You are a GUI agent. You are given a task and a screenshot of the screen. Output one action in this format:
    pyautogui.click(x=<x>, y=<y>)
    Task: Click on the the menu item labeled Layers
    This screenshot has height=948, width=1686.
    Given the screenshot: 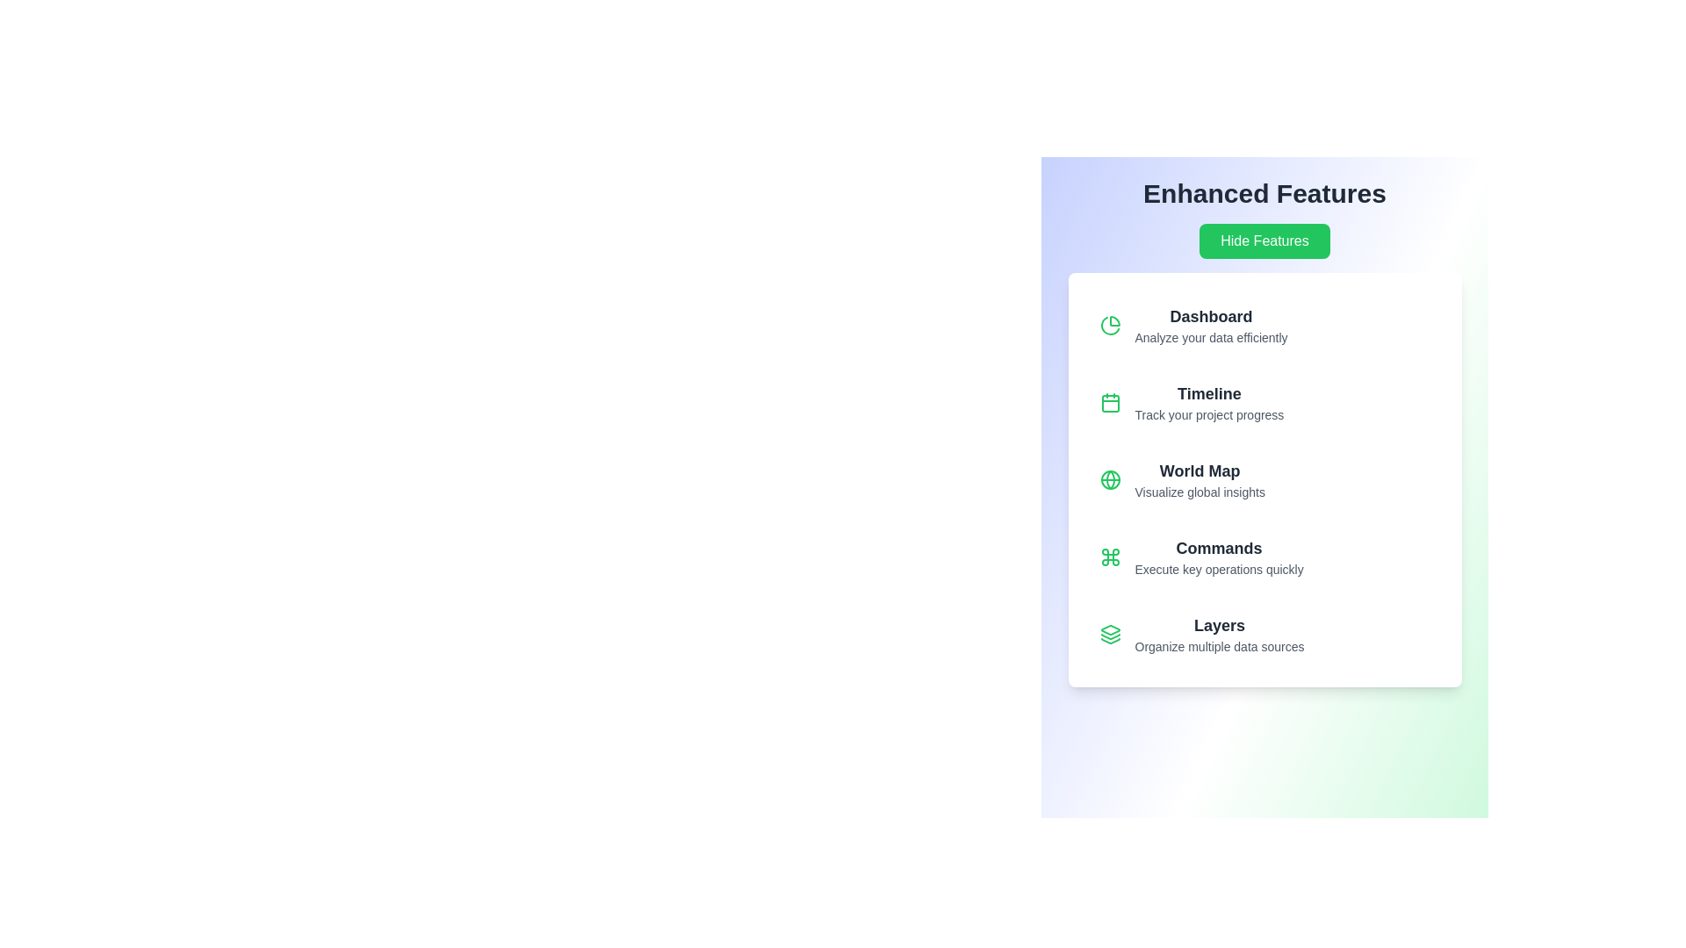 What is the action you would take?
    pyautogui.click(x=1264, y=634)
    